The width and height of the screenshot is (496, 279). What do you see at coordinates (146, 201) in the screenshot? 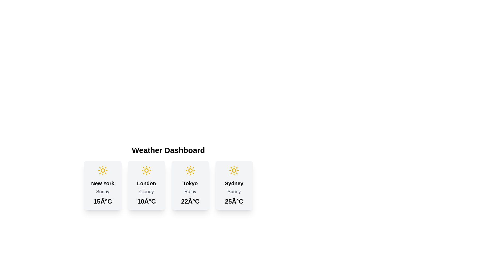
I see `the Static Label displaying the temperature value '10°C' located at the bottom of the second weather card, below the text 'Cloudy'` at bounding box center [146, 201].